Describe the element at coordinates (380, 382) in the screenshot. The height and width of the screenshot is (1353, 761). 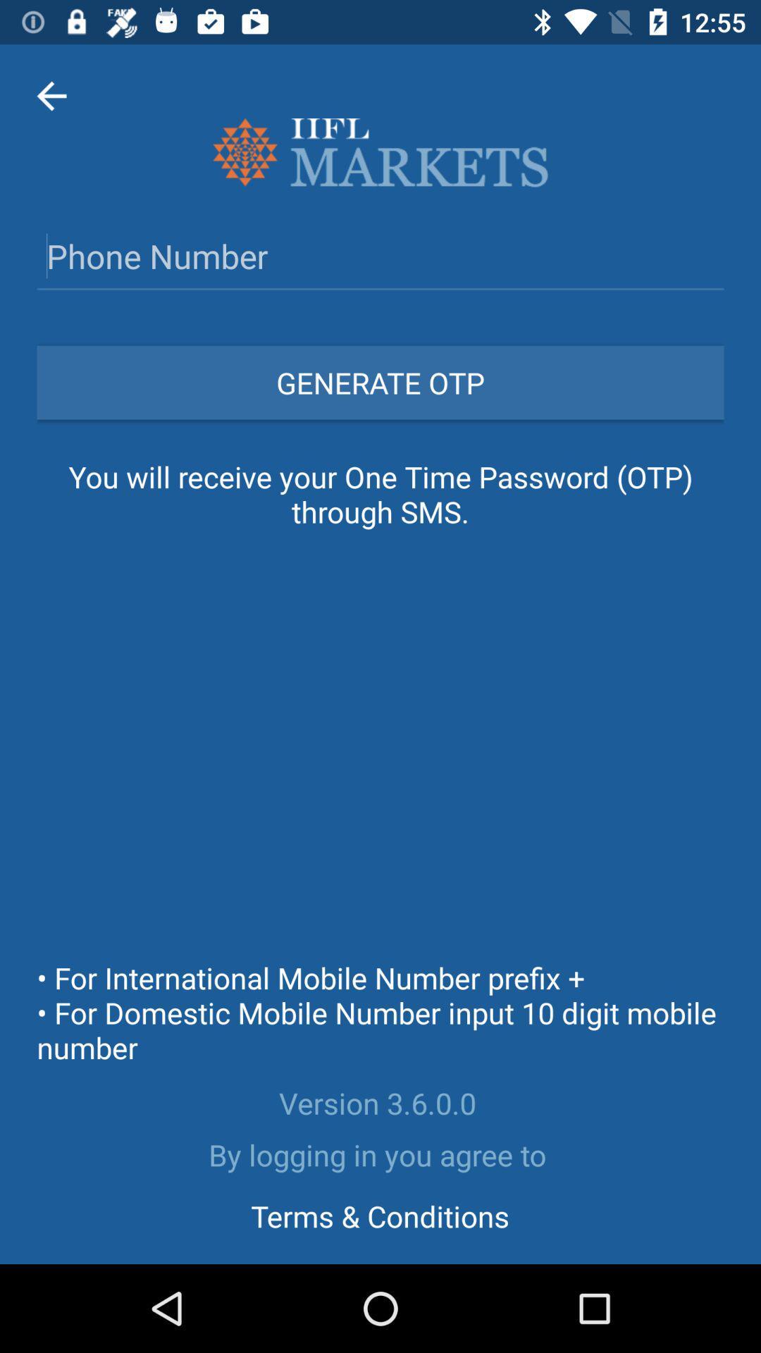
I see `icon above the you will receive icon` at that location.